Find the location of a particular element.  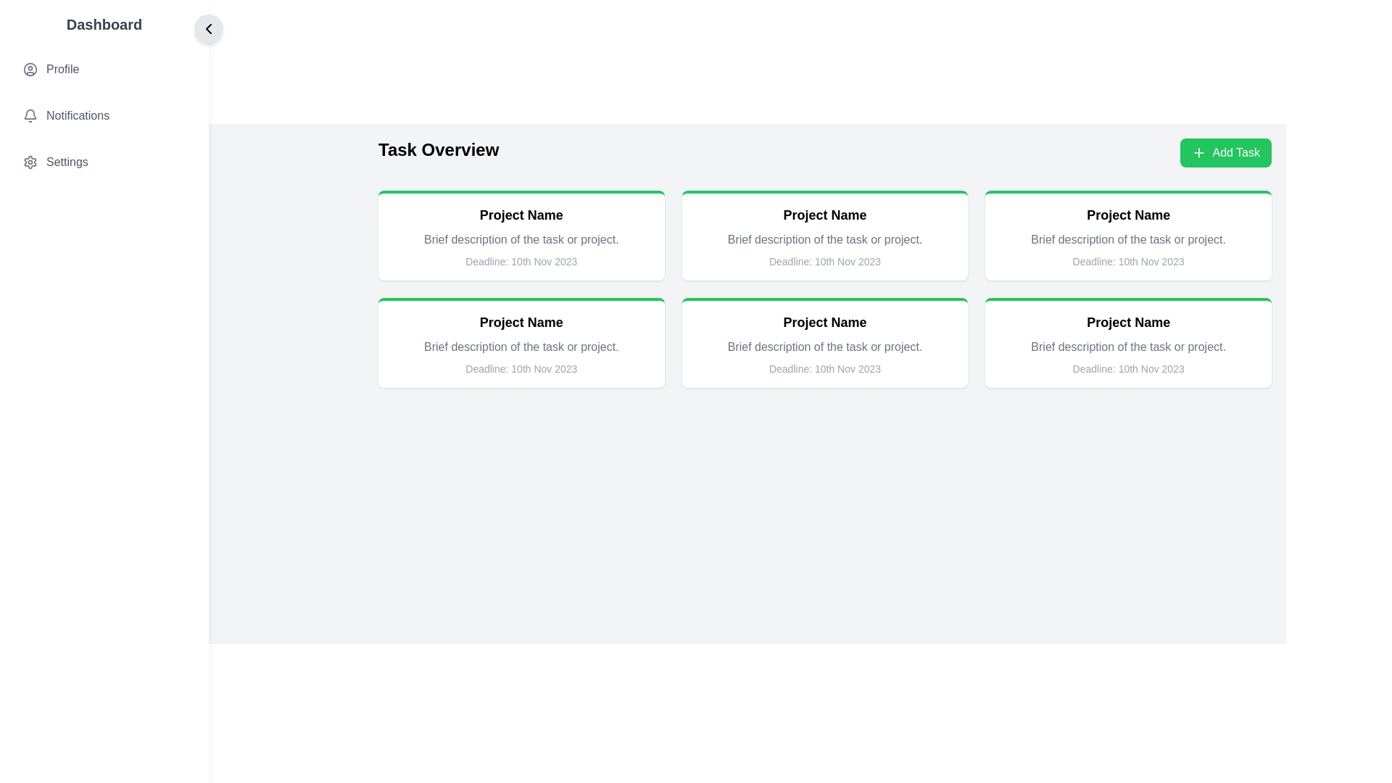

the 'Settings' icon located to the left of the text 'Settings' in the third row of the vertical sidebar menu is located at coordinates (30, 162).